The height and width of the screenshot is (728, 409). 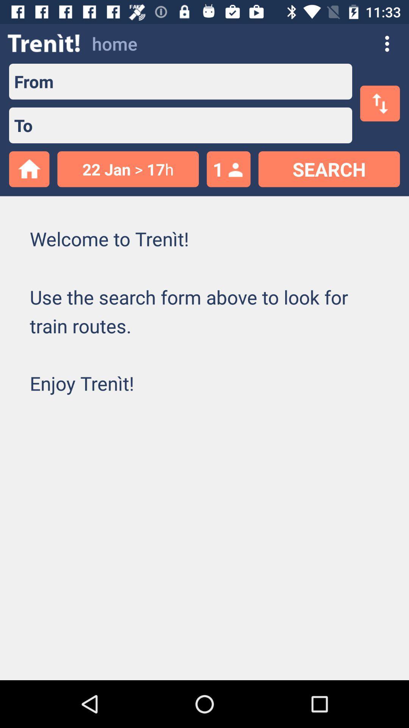 What do you see at coordinates (44, 43) in the screenshot?
I see `item to the left of home icon` at bounding box center [44, 43].